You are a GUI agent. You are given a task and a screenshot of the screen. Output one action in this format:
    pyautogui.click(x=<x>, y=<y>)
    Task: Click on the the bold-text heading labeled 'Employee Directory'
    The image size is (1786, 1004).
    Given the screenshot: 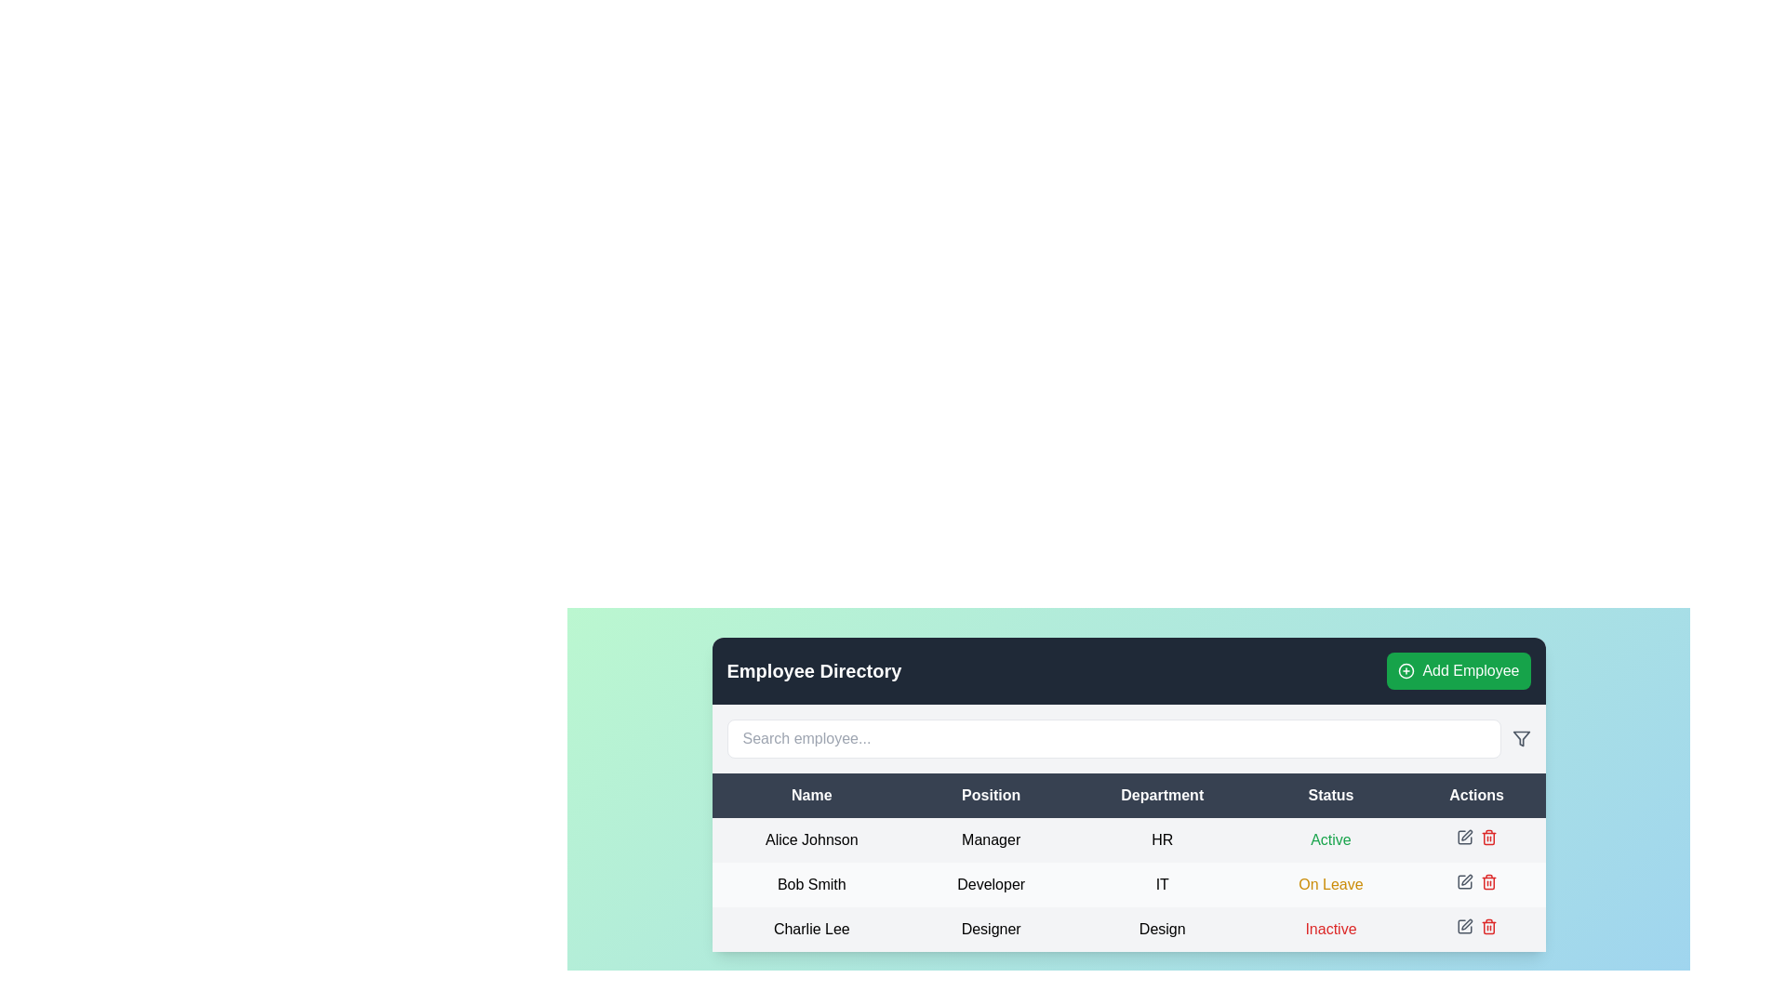 What is the action you would take?
    pyautogui.click(x=814, y=670)
    